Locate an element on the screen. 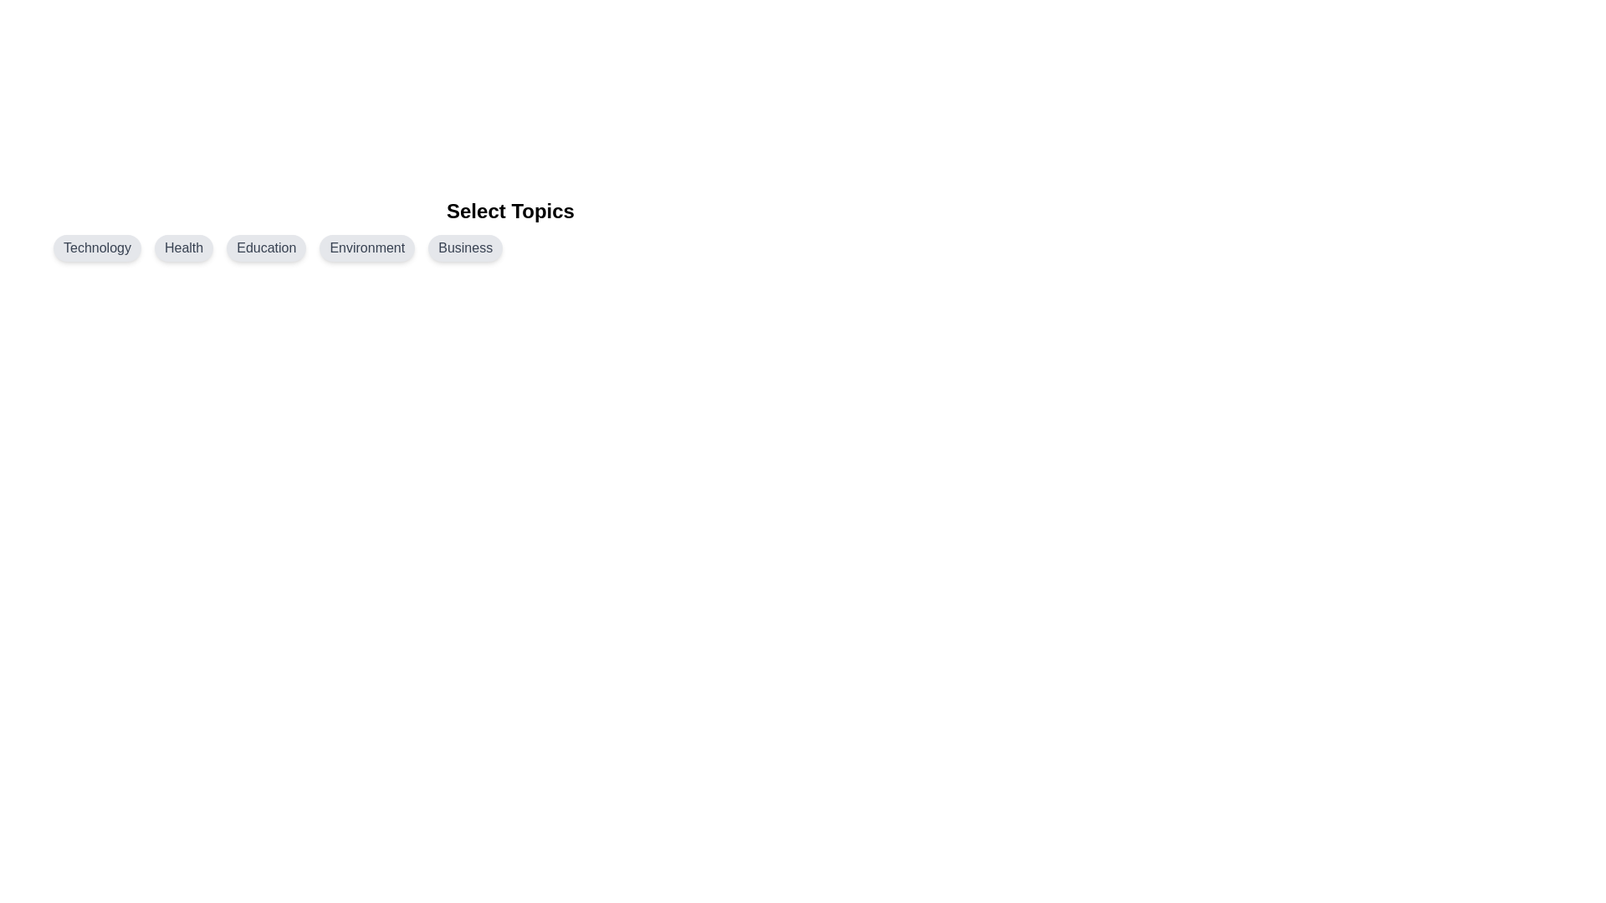 The height and width of the screenshot is (903, 1606). the topic chip labeled Business by clicking on it is located at coordinates (465, 248).